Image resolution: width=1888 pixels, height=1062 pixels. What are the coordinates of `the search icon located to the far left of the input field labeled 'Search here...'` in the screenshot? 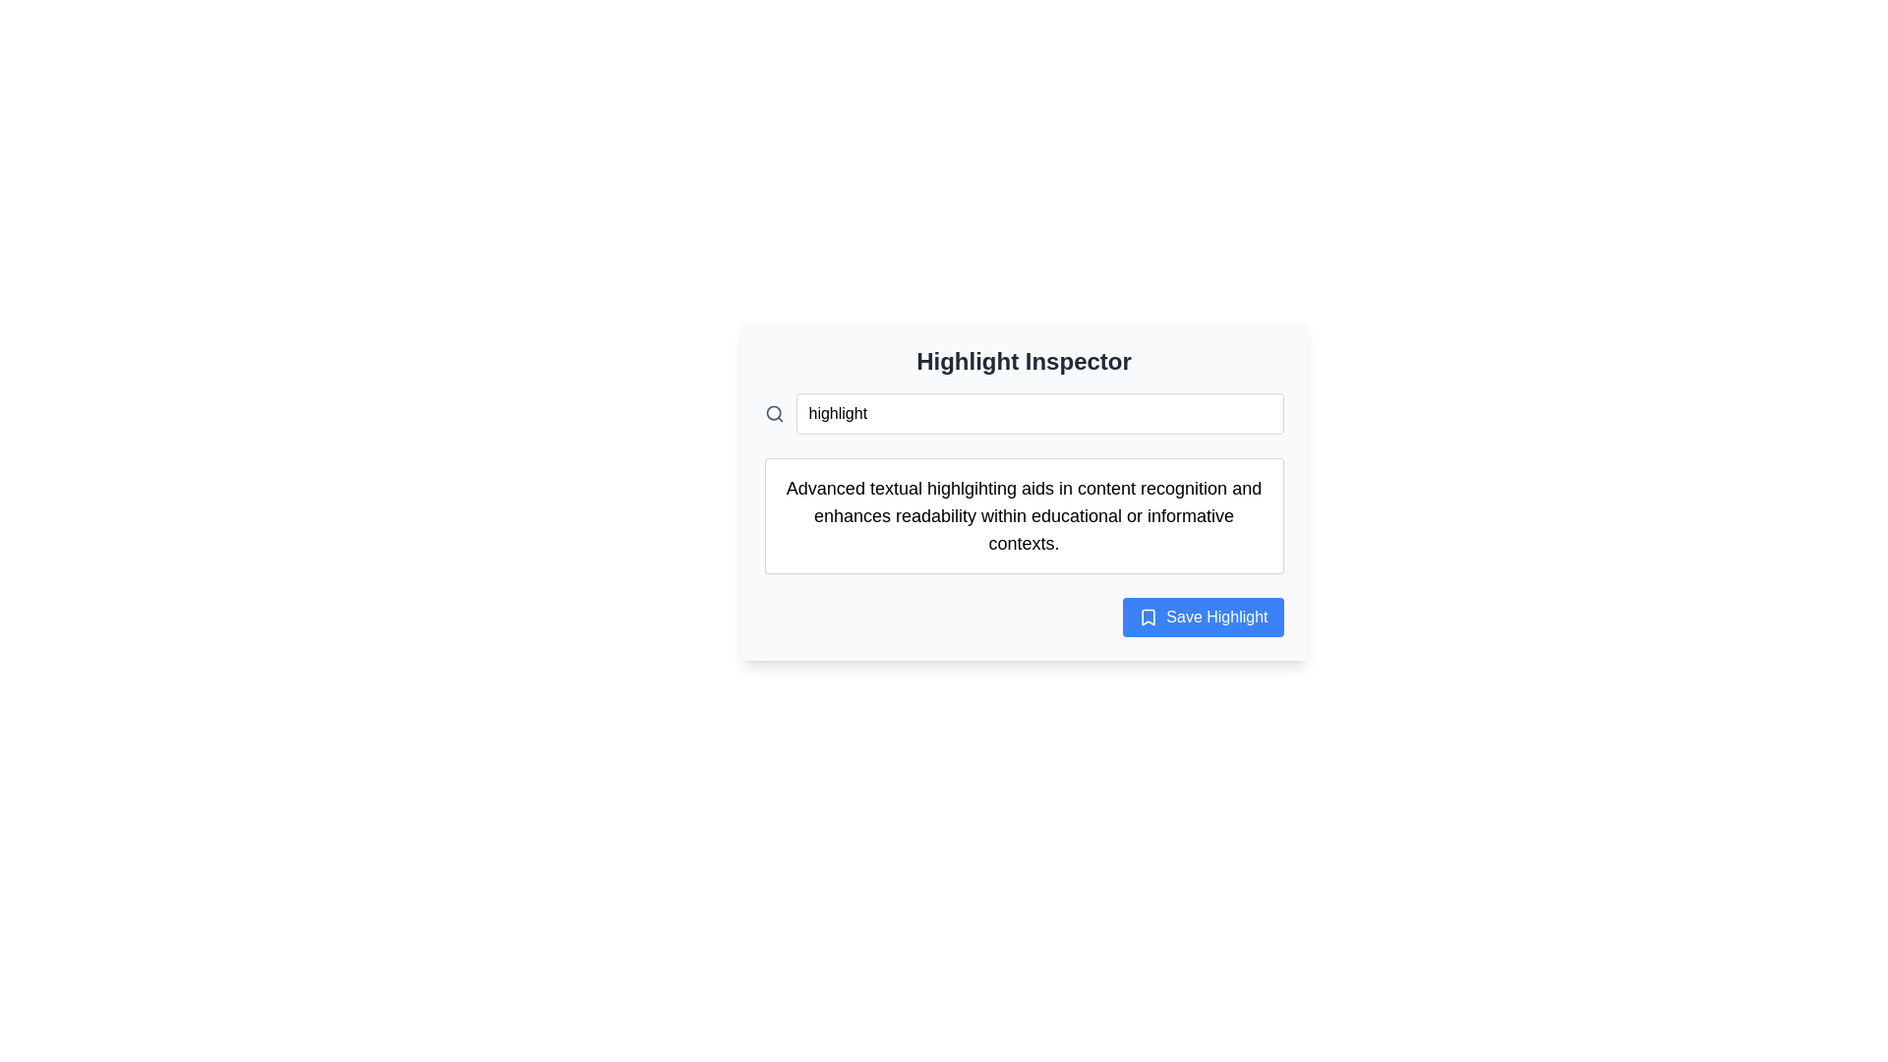 It's located at (773, 412).